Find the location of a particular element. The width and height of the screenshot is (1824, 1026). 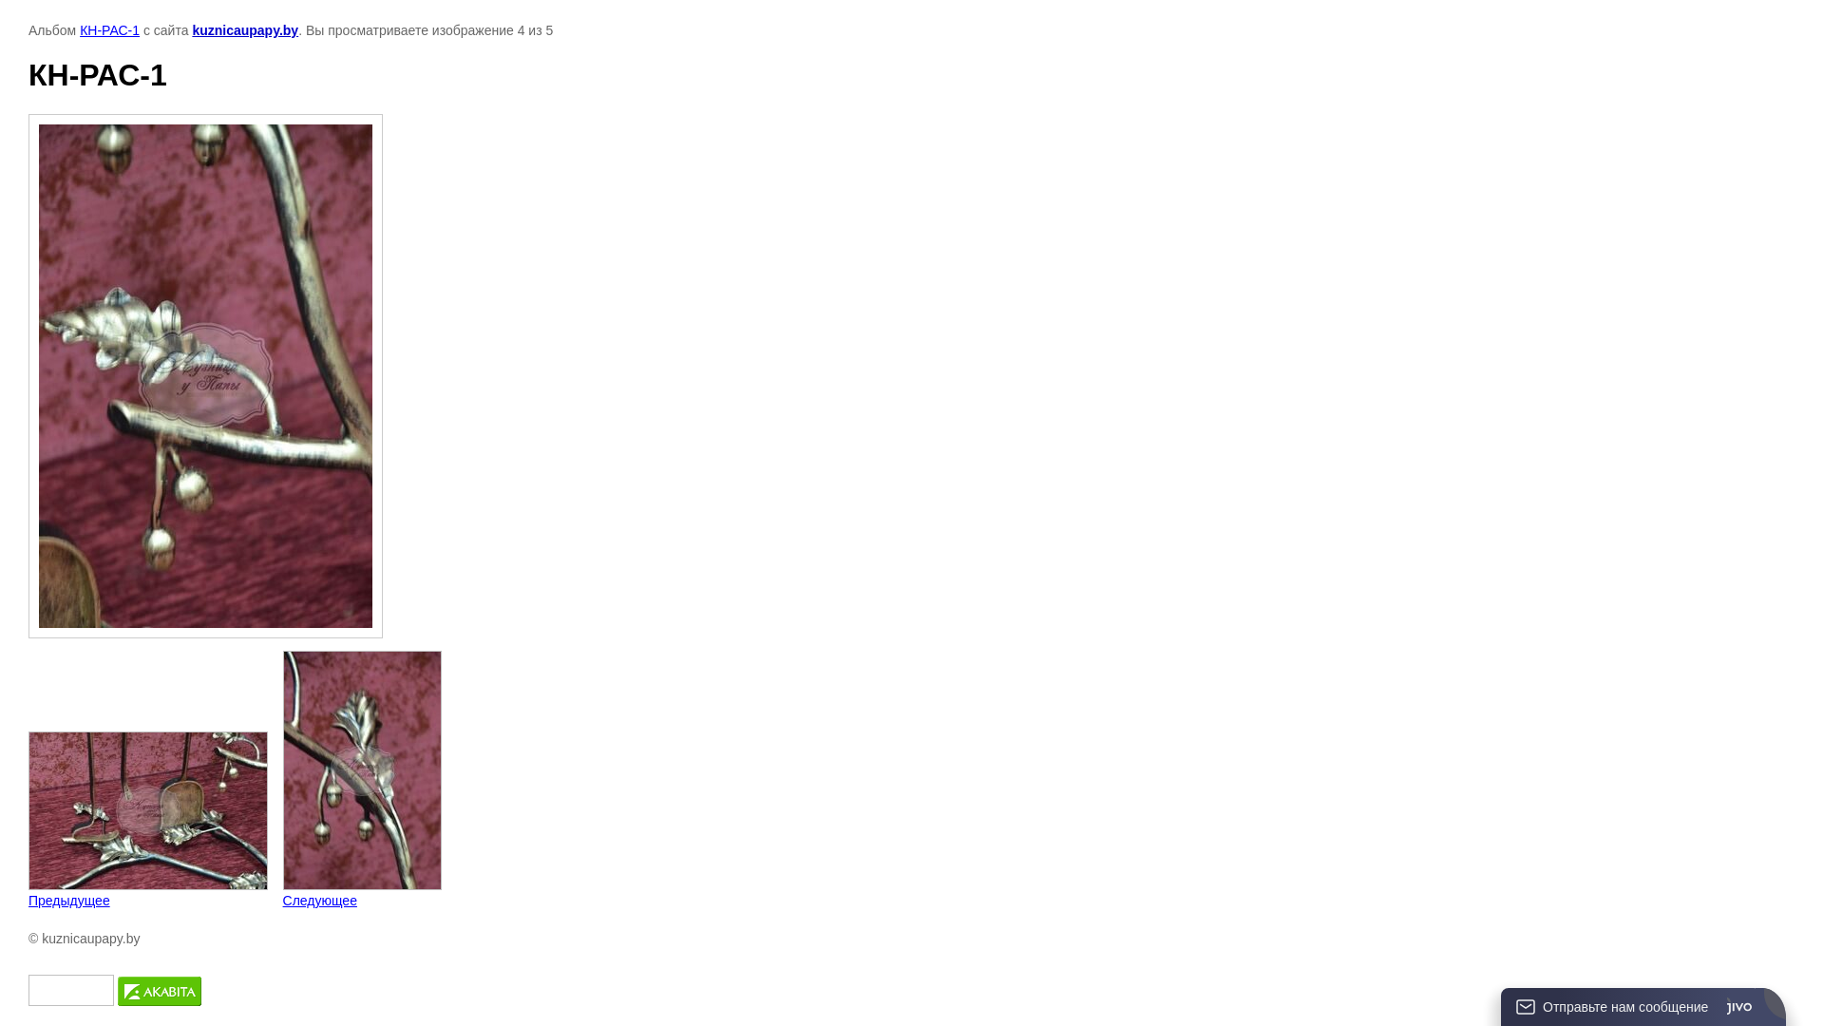

'kuznicaupapy.by' is located at coordinates (244, 29).